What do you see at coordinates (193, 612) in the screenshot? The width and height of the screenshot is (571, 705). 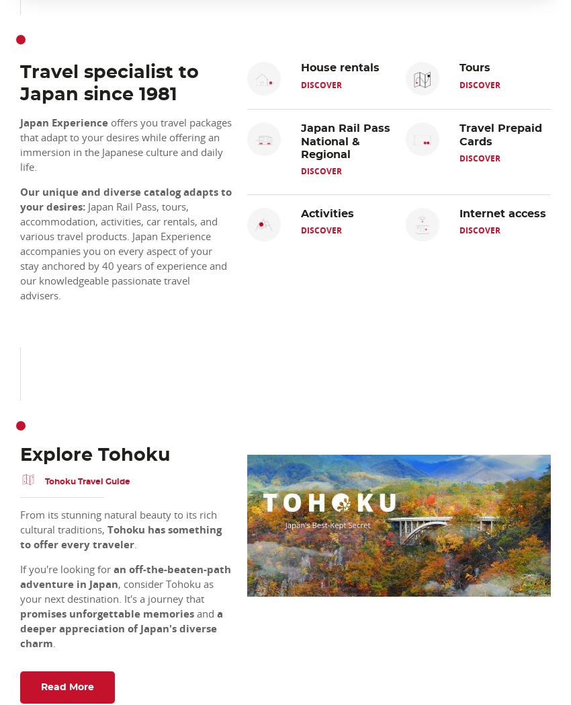 I see `'and'` at bounding box center [193, 612].